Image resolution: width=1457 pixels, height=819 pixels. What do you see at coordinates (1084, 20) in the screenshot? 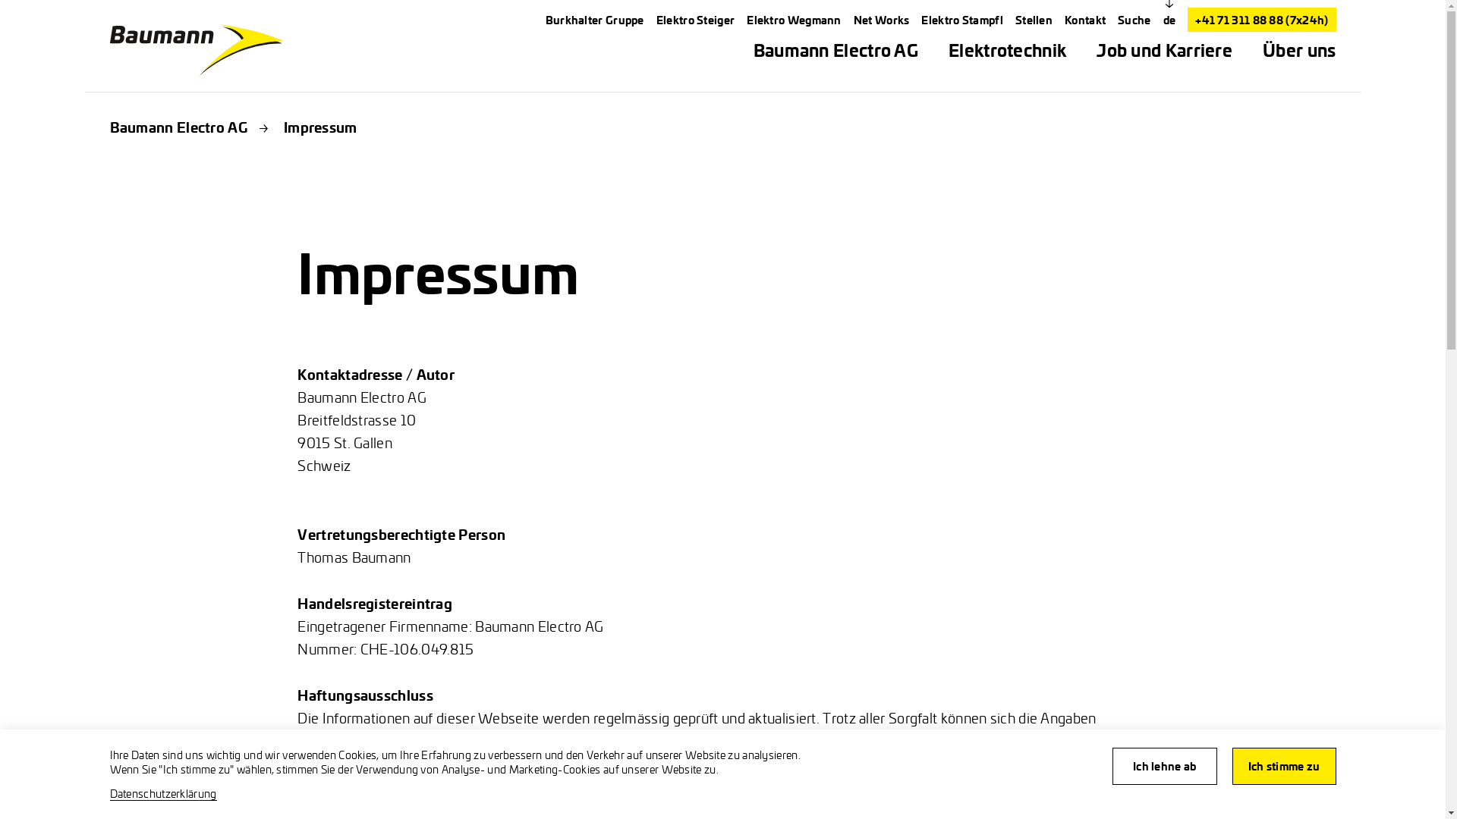
I see `'Kontakt'` at bounding box center [1084, 20].